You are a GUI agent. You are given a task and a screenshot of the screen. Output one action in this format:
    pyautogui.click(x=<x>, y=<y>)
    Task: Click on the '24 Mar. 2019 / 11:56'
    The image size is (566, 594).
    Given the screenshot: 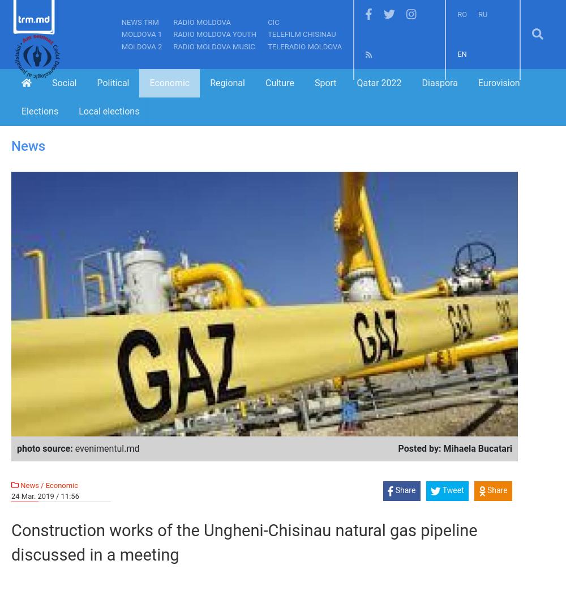 What is the action you would take?
    pyautogui.click(x=11, y=495)
    